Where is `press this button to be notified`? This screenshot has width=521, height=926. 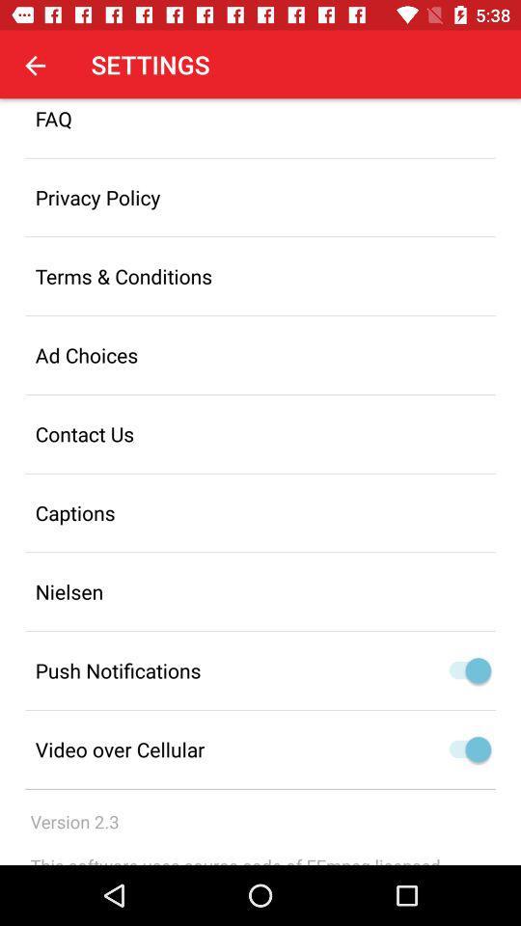 press this button to be notified is located at coordinates (477, 670).